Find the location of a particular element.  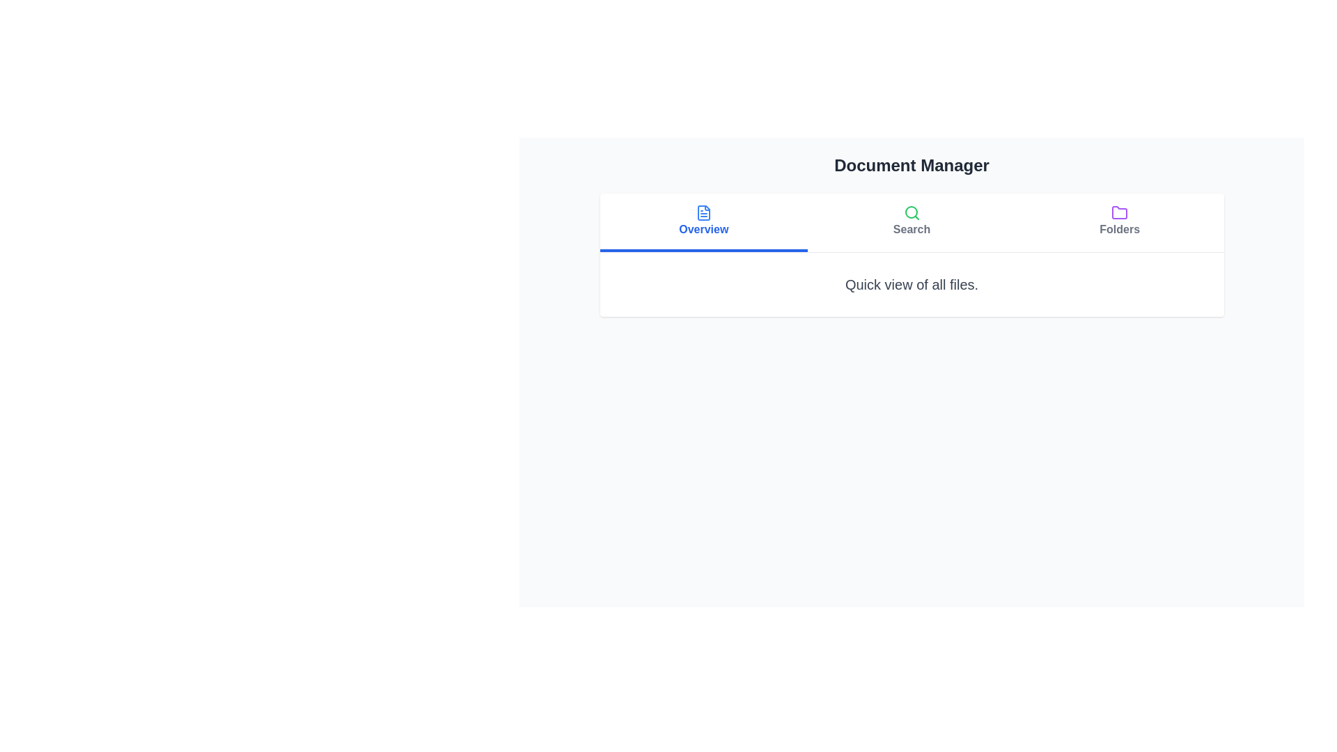

the blue-colored SVG icon shaped like a document with text-like lines inside it, located above the 'Overview' label in the navigation bar is located at coordinates (703, 212).